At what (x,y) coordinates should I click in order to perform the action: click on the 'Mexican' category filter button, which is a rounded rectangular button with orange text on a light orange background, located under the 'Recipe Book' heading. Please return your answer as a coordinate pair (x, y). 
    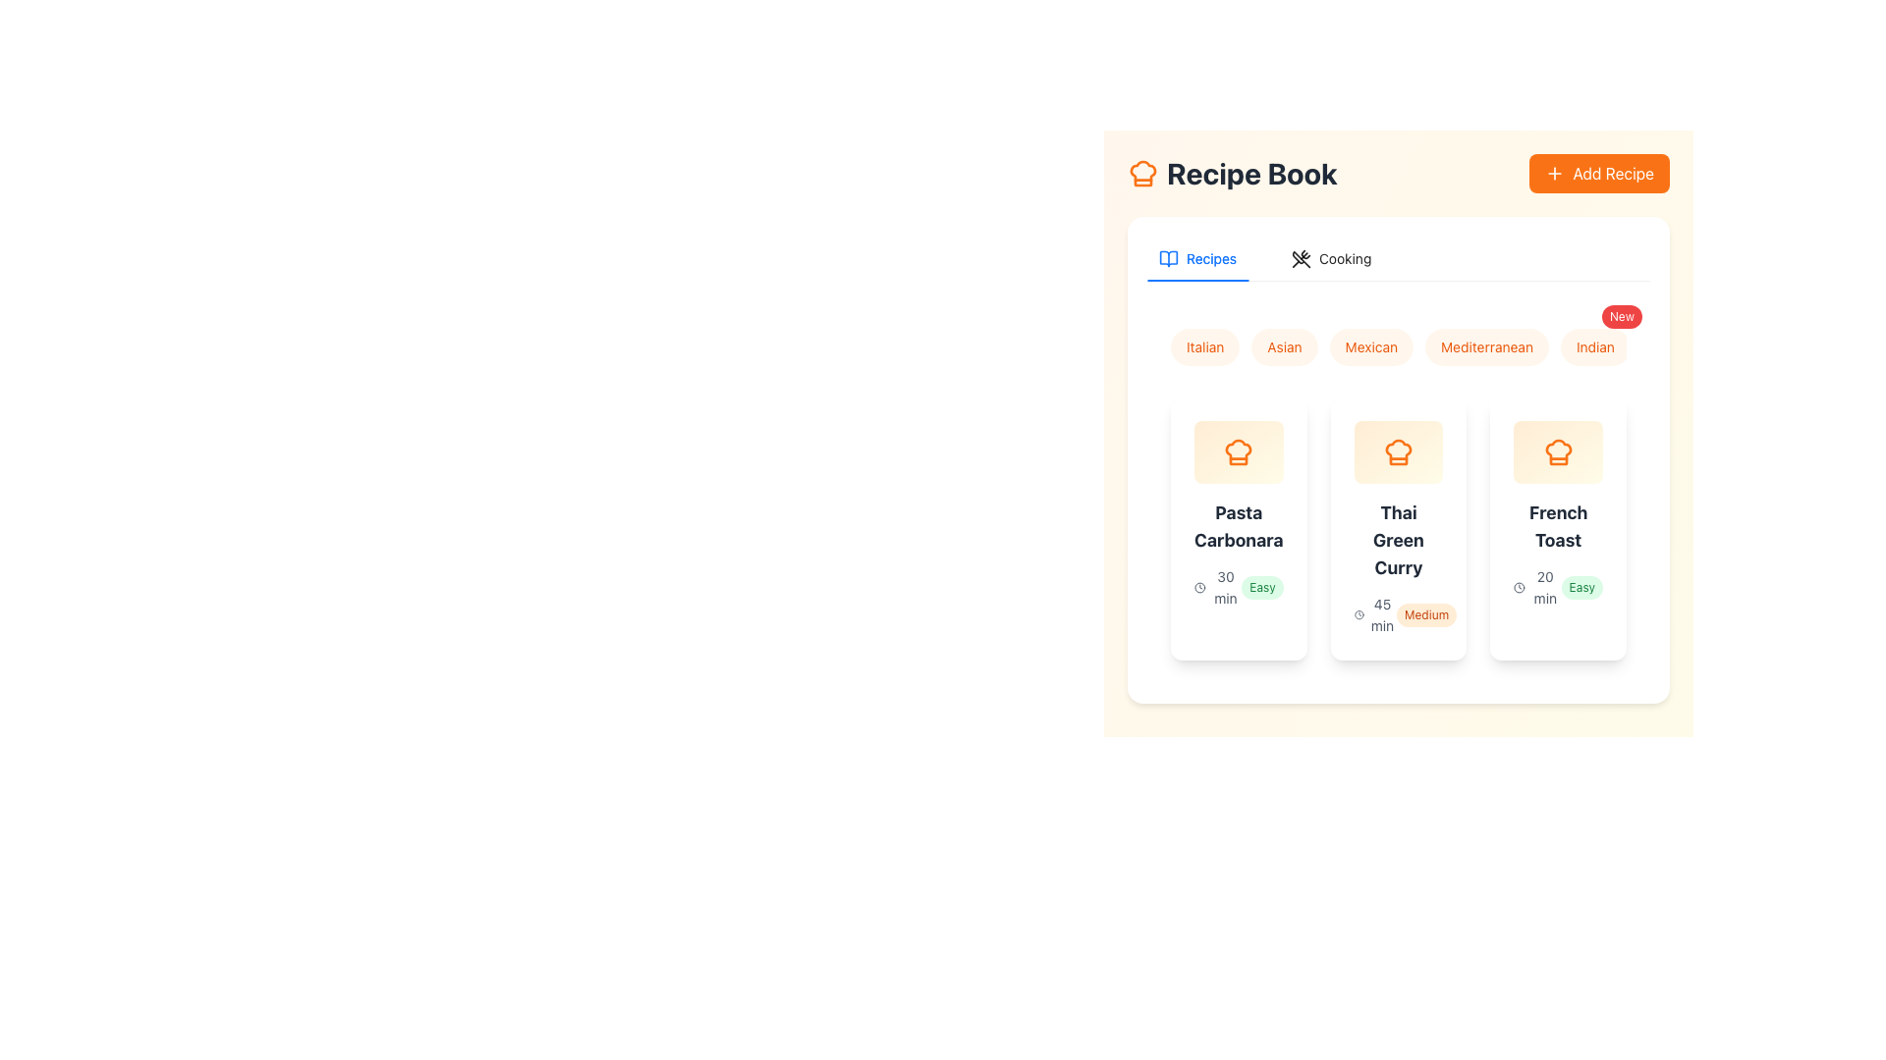
    Looking at the image, I should click on (1370, 346).